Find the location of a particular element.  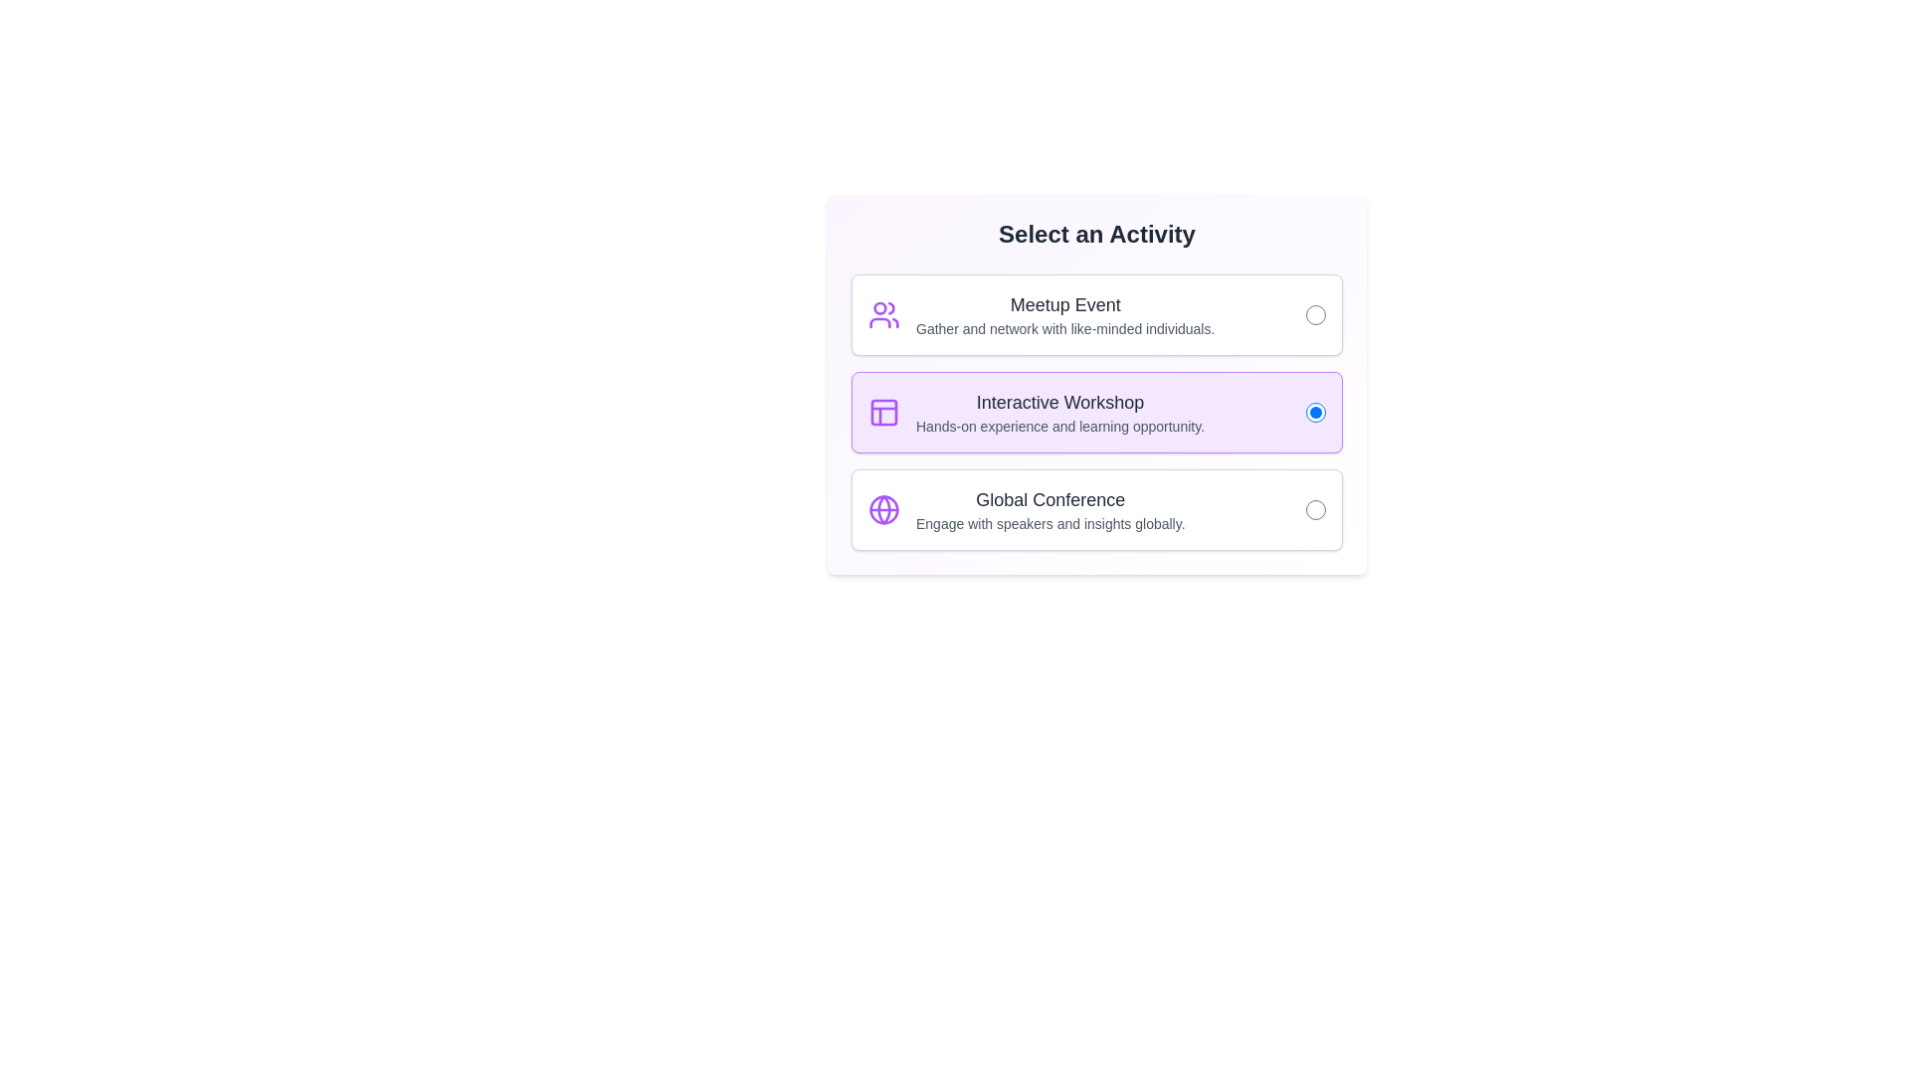

the upper-left decorative graphical component of the 'Interactive Workshop' icon in the activity list is located at coordinates (882, 412).